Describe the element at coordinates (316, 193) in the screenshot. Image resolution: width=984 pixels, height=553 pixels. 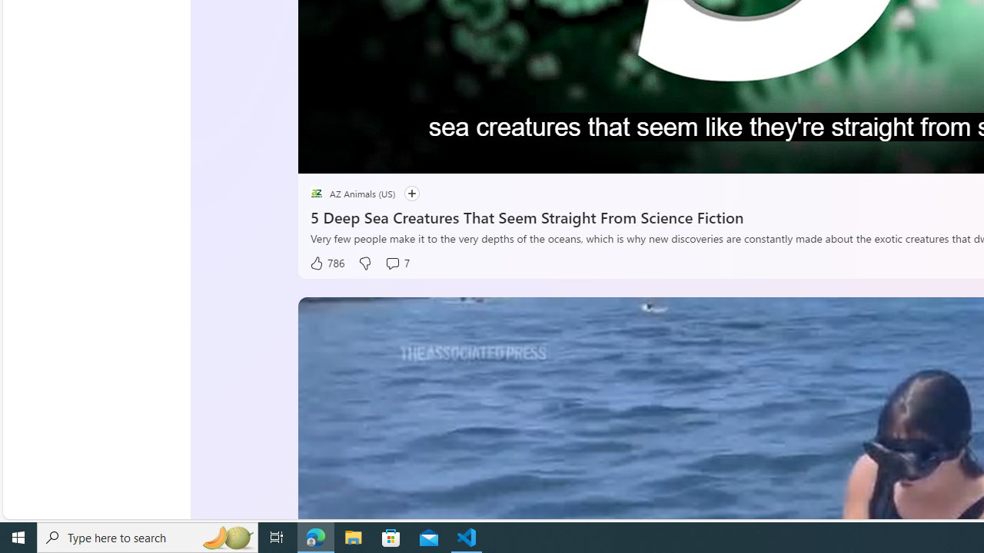
I see `'placeholder'` at that location.